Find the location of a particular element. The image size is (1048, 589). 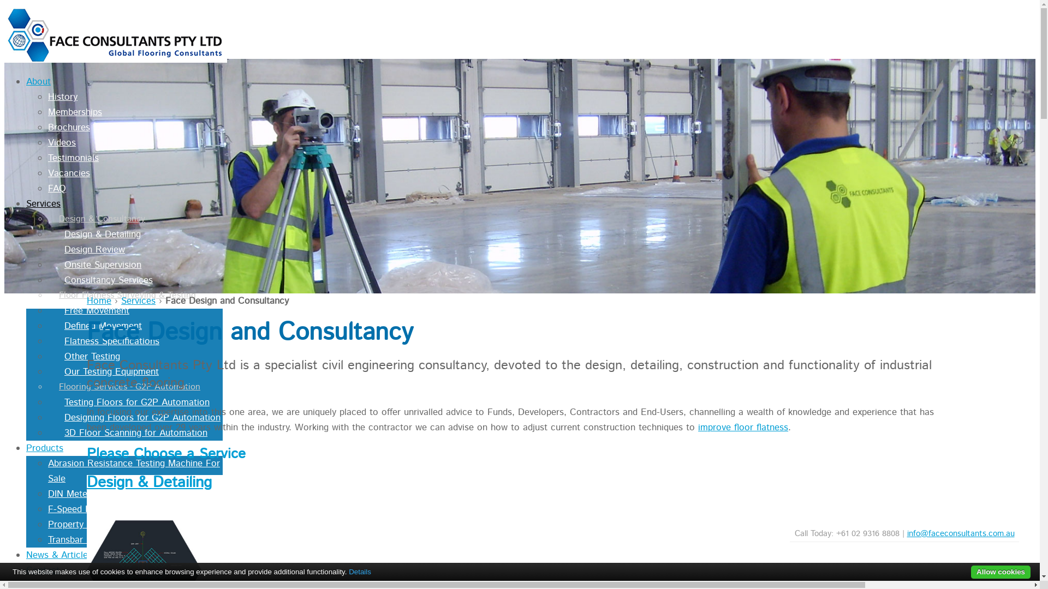

'Free Movement' is located at coordinates (88, 311).